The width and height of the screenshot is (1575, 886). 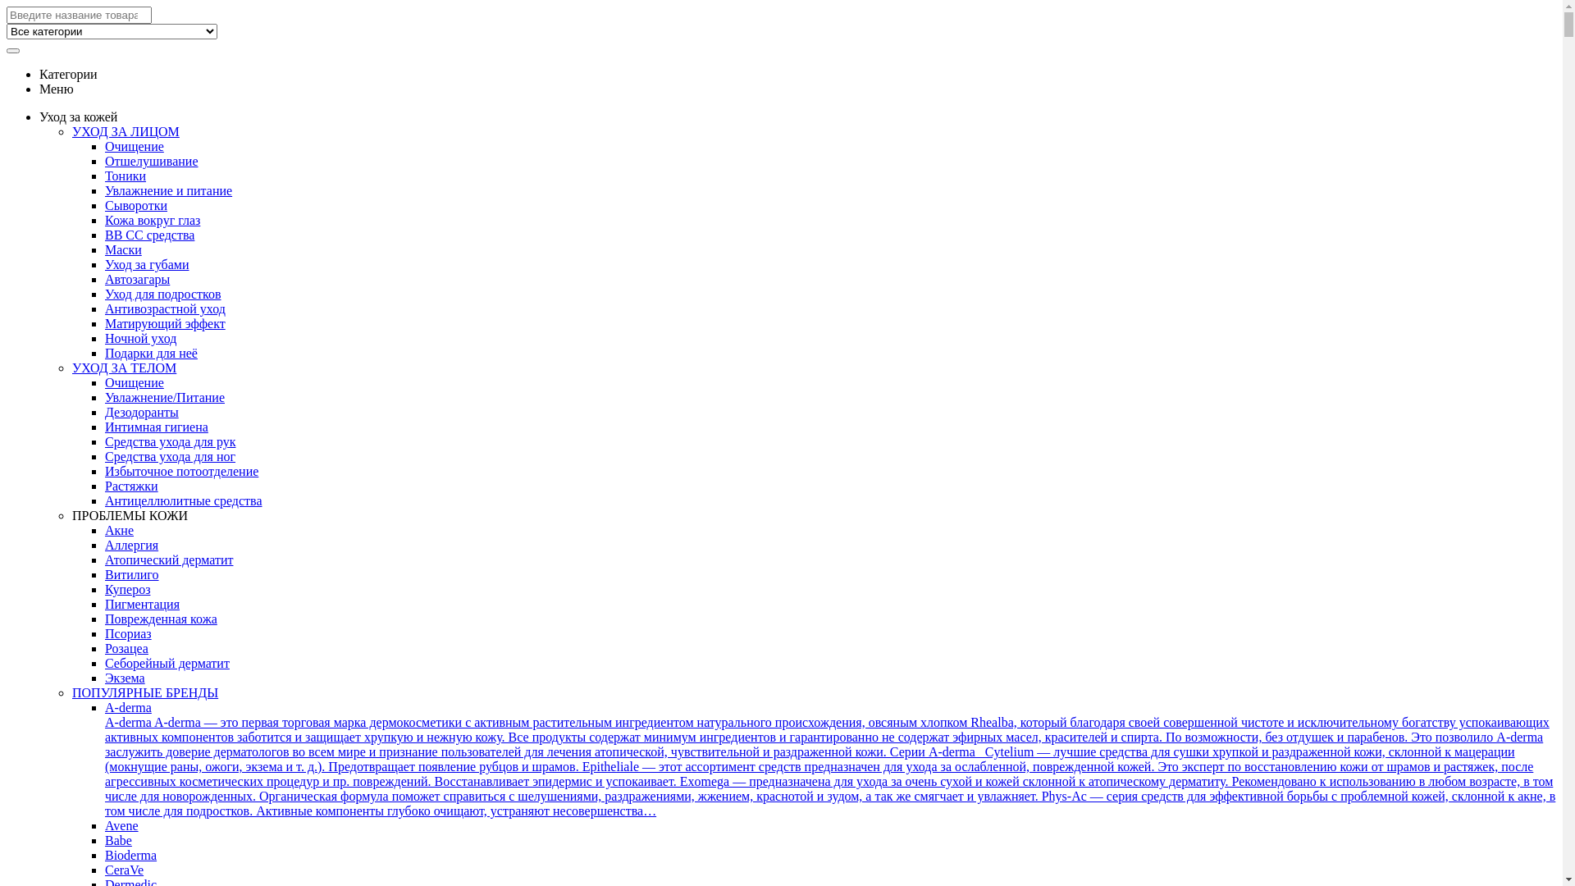 What do you see at coordinates (123, 869) in the screenshot?
I see `'CeraVe'` at bounding box center [123, 869].